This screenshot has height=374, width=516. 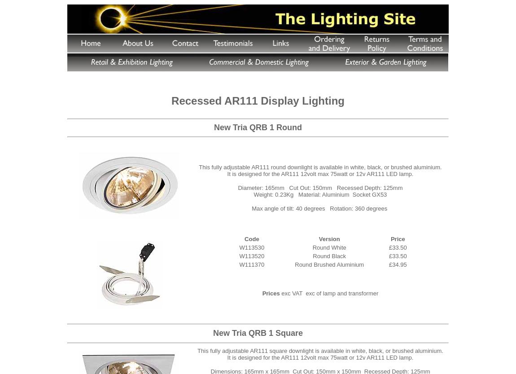 I want to click on 'New 
        Tria QRB 1 Round', so click(x=258, y=127).